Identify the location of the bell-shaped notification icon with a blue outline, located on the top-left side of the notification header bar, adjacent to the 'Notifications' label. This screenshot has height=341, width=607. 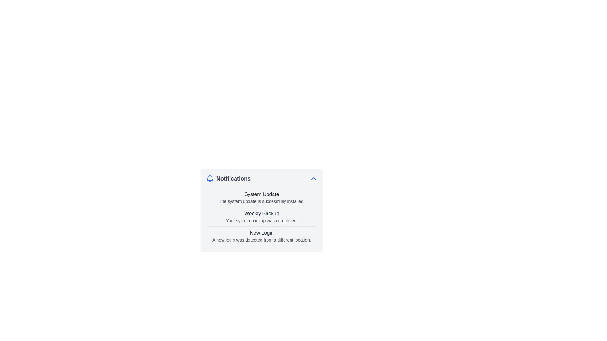
(210, 179).